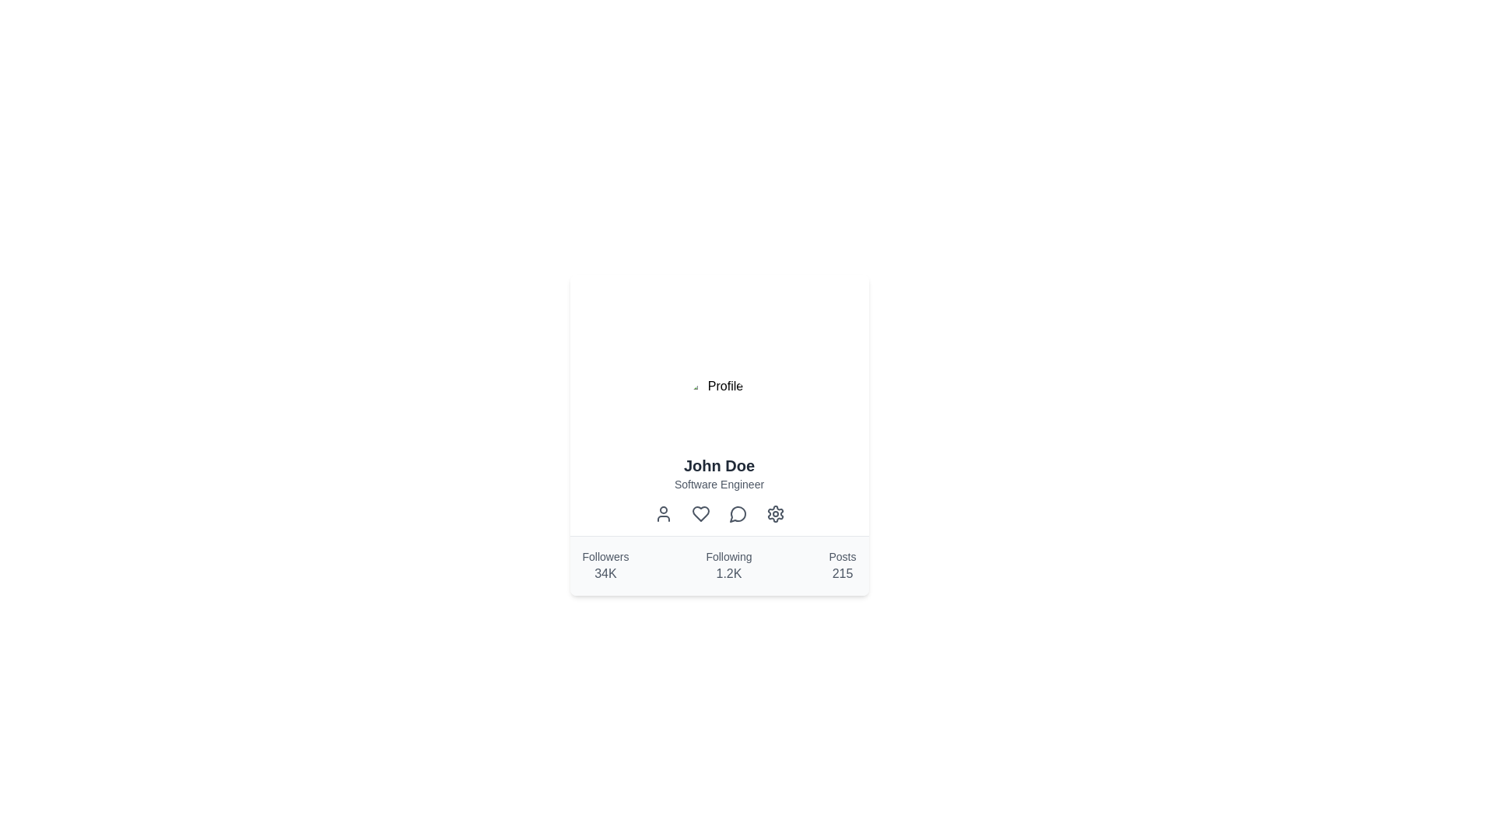  Describe the element at coordinates (605, 566) in the screenshot. I see `the static text display for the number of followers under the 'Followers' label in the profile card` at that location.